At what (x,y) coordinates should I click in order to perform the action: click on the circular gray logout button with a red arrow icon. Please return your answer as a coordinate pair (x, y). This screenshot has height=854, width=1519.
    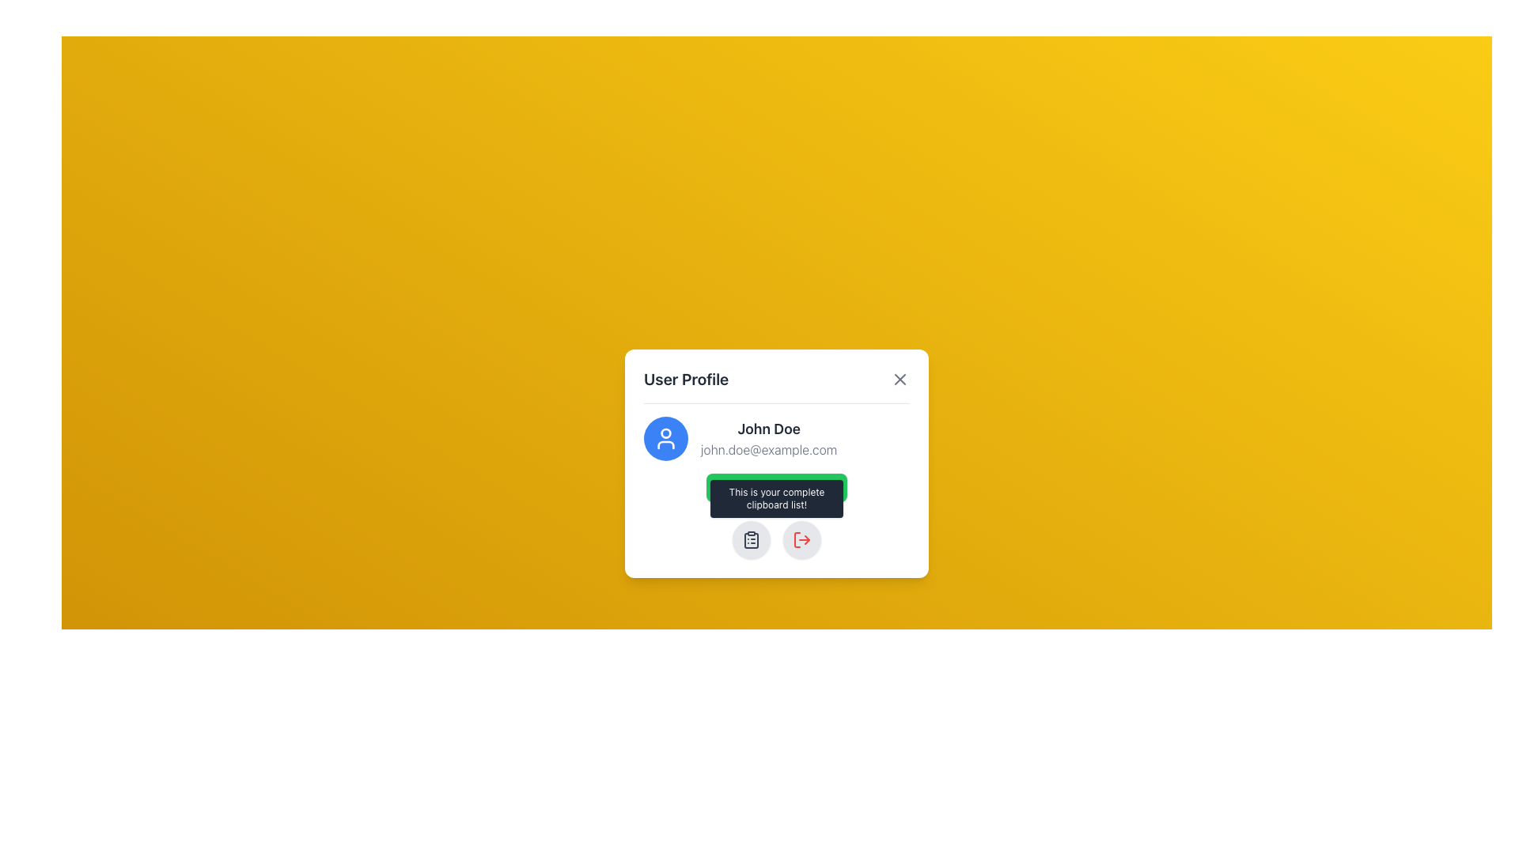
    Looking at the image, I should click on (801, 538).